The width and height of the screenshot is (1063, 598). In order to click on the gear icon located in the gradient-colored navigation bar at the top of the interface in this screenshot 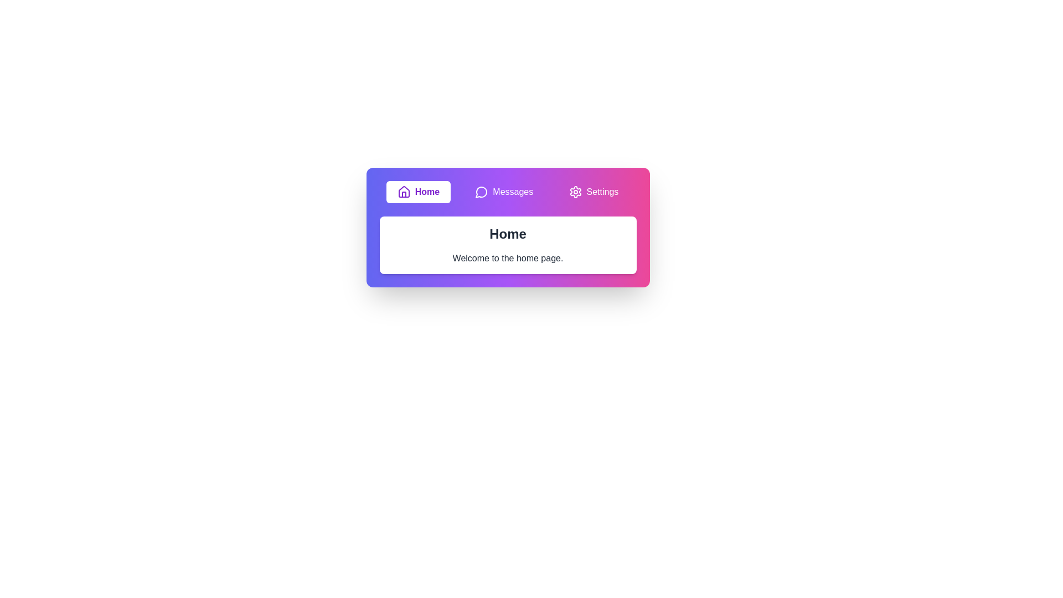, I will do `click(575, 192)`.